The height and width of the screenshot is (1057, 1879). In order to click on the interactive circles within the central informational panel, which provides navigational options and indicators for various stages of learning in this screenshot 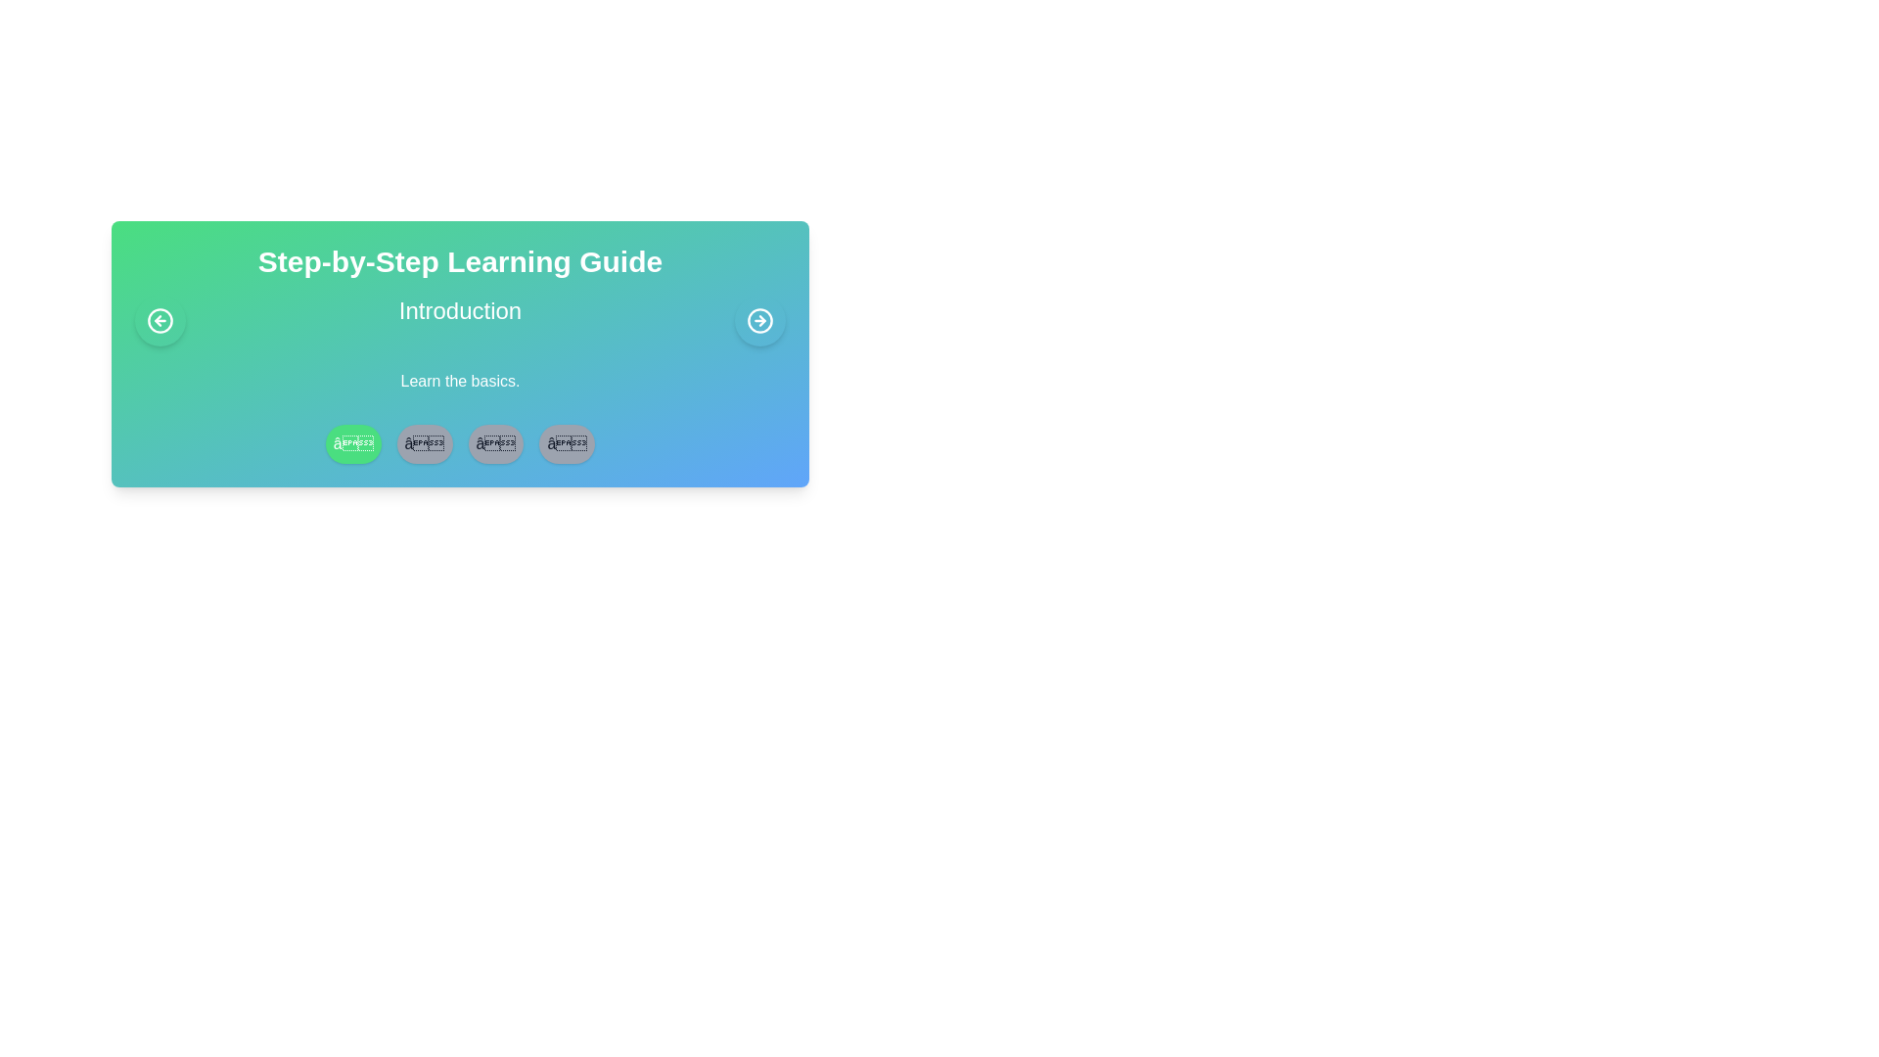, I will do `click(459, 354)`.